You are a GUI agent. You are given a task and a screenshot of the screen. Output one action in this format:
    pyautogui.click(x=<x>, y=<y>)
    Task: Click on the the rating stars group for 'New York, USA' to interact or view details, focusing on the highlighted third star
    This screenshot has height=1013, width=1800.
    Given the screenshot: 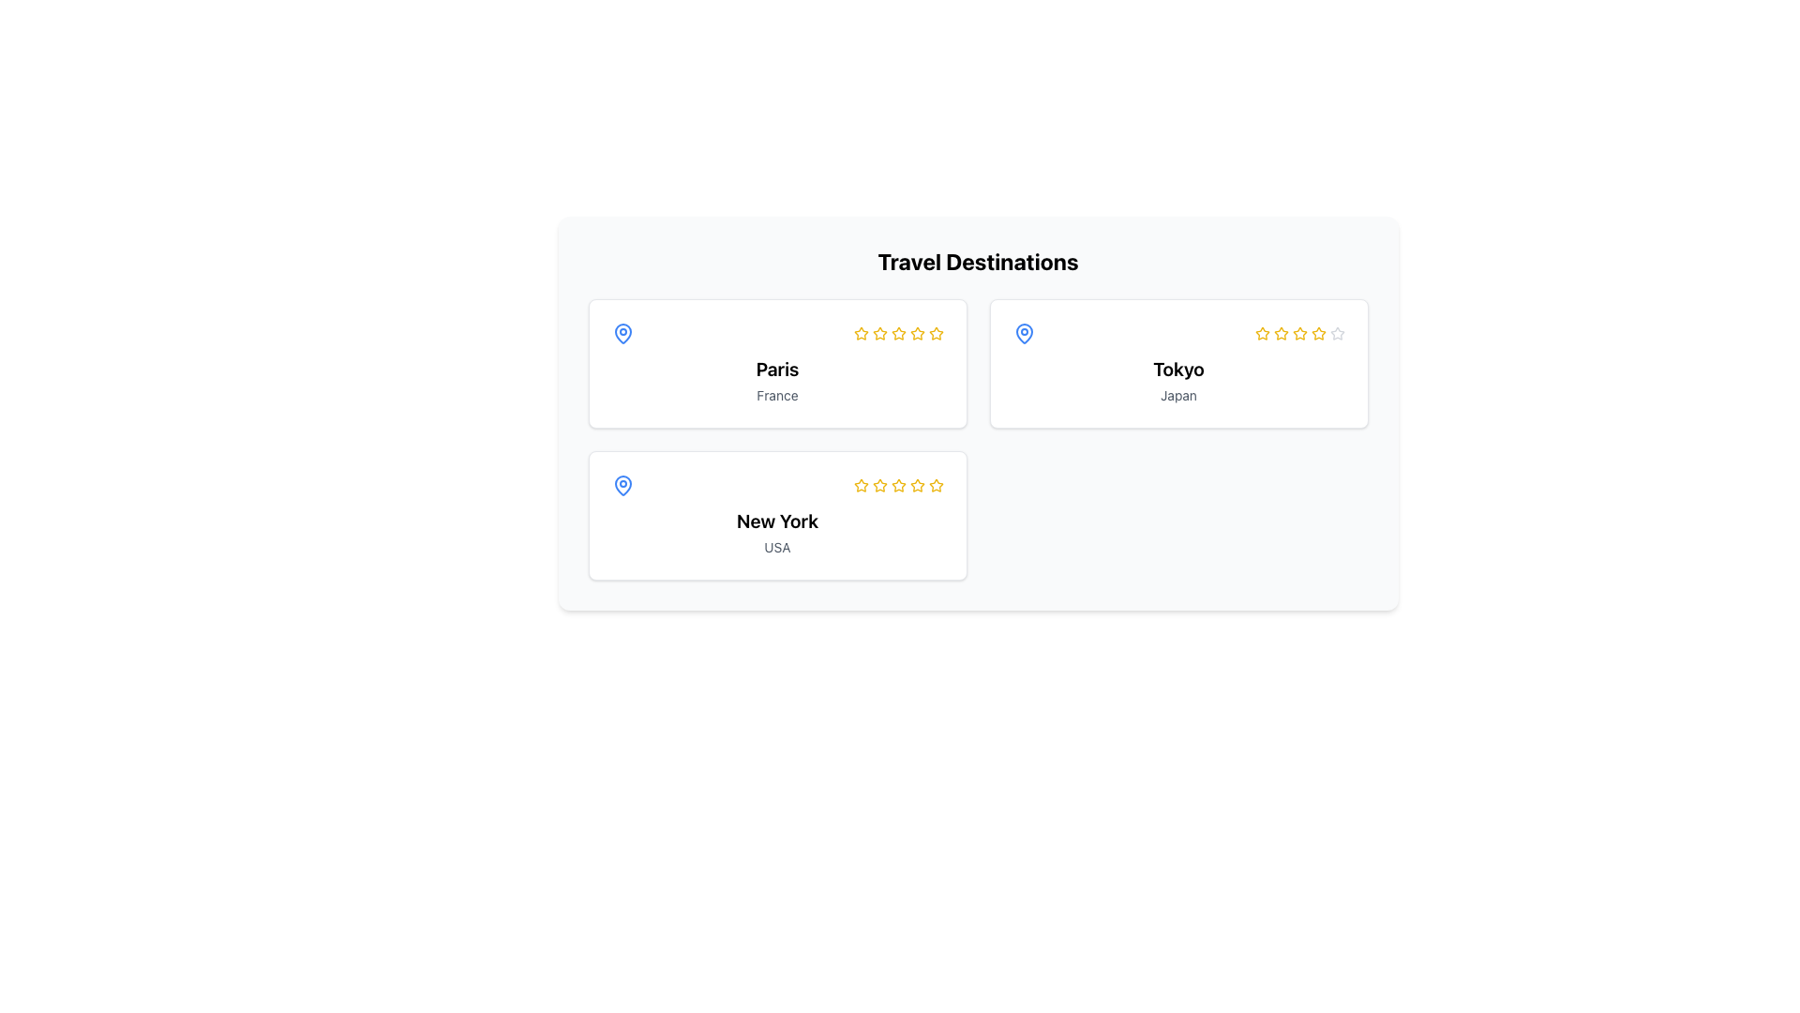 What is the action you would take?
    pyautogui.click(x=897, y=484)
    